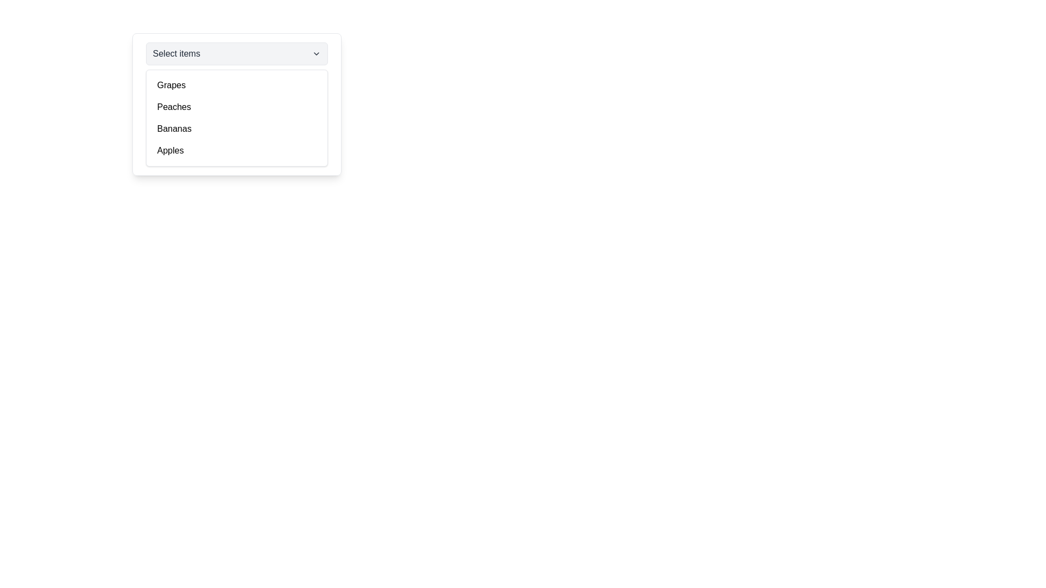 The width and height of the screenshot is (1046, 588). Describe the element at coordinates (236, 85) in the screenshot. I see `the 'Grapes' option in the dropdown menu` at that location.